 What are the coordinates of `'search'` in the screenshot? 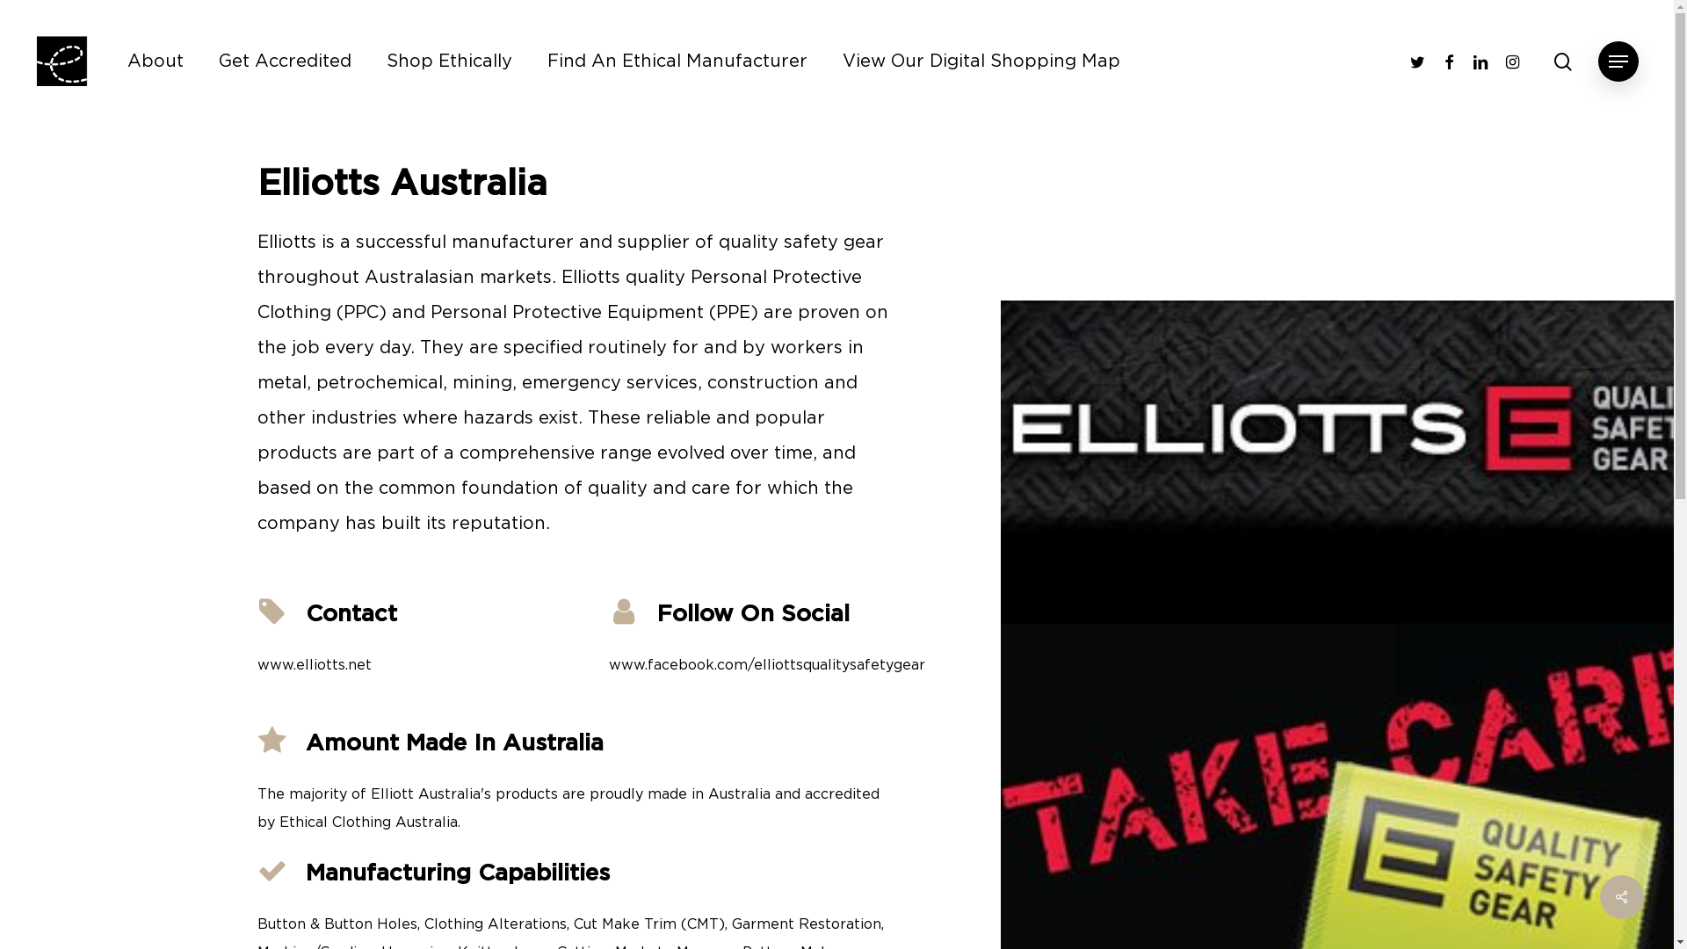 It's located at (1563, 61).